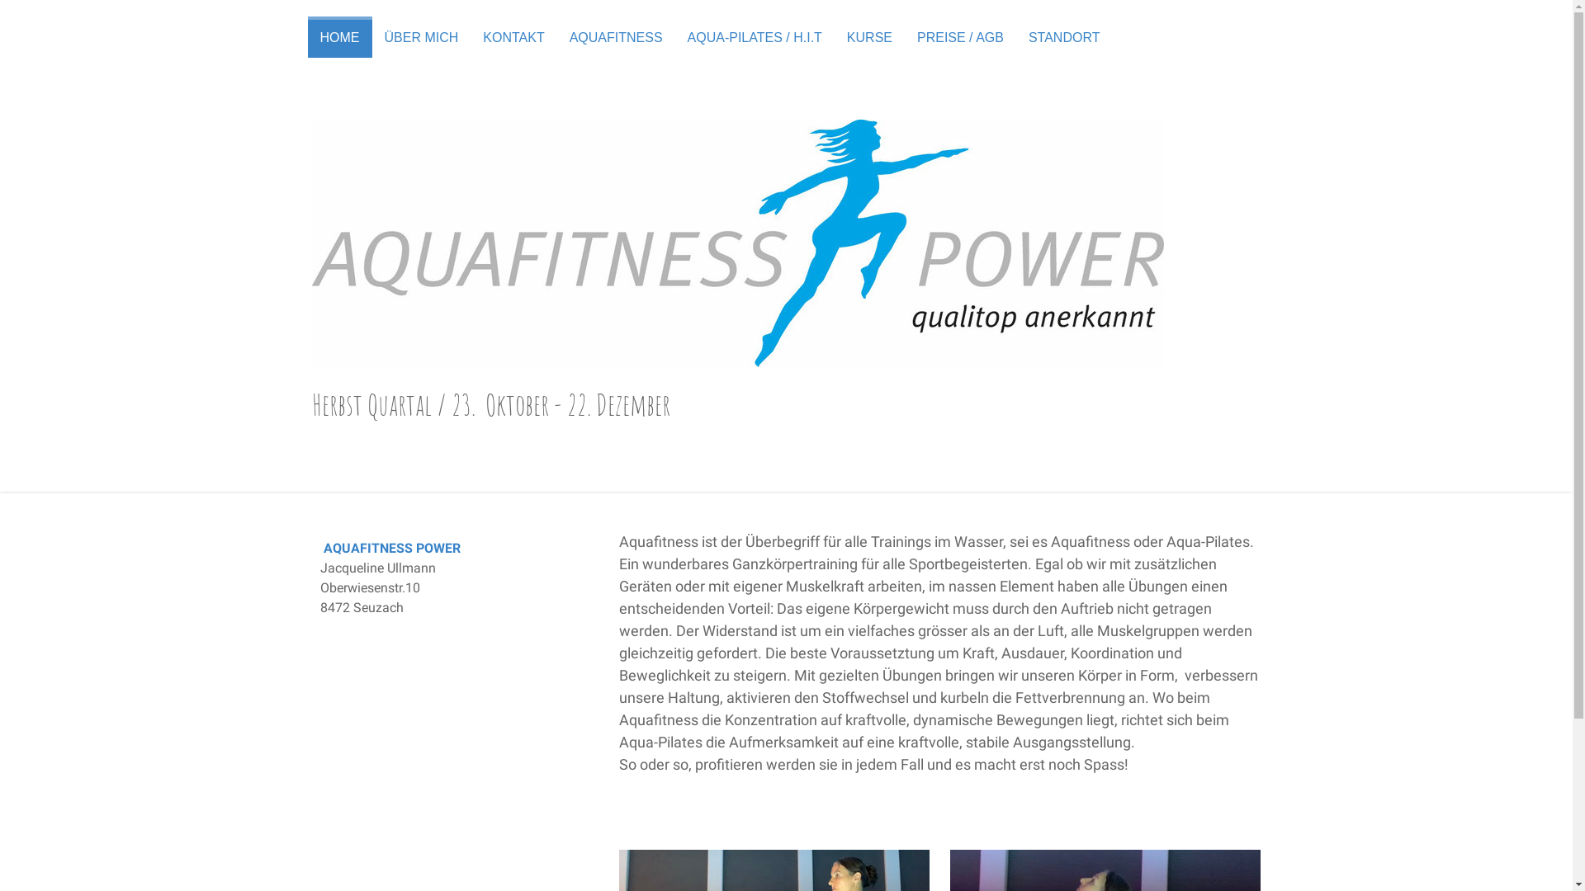 The image size is (1585, 891). Describe the element at coordinates (338, 37) in the screenshot. I see `'HOME'` at that location.